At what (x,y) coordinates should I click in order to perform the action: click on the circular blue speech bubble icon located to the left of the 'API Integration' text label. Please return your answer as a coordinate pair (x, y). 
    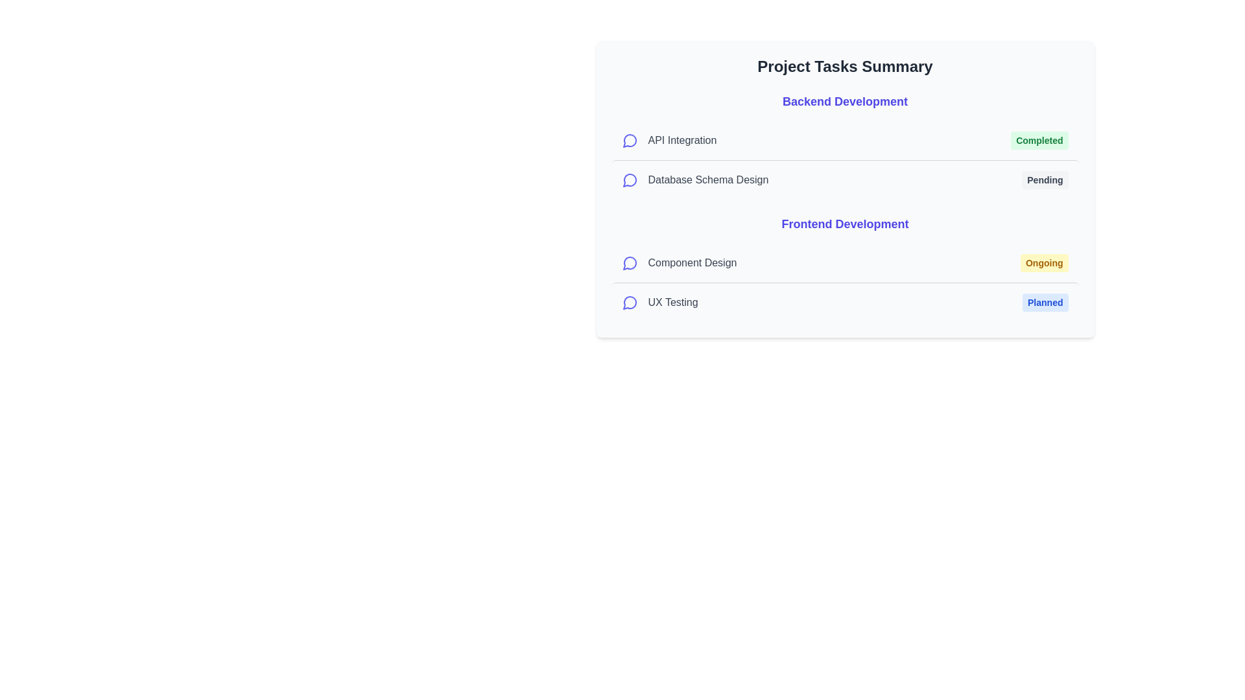
    Looking at the image, I should click on (630, 140).